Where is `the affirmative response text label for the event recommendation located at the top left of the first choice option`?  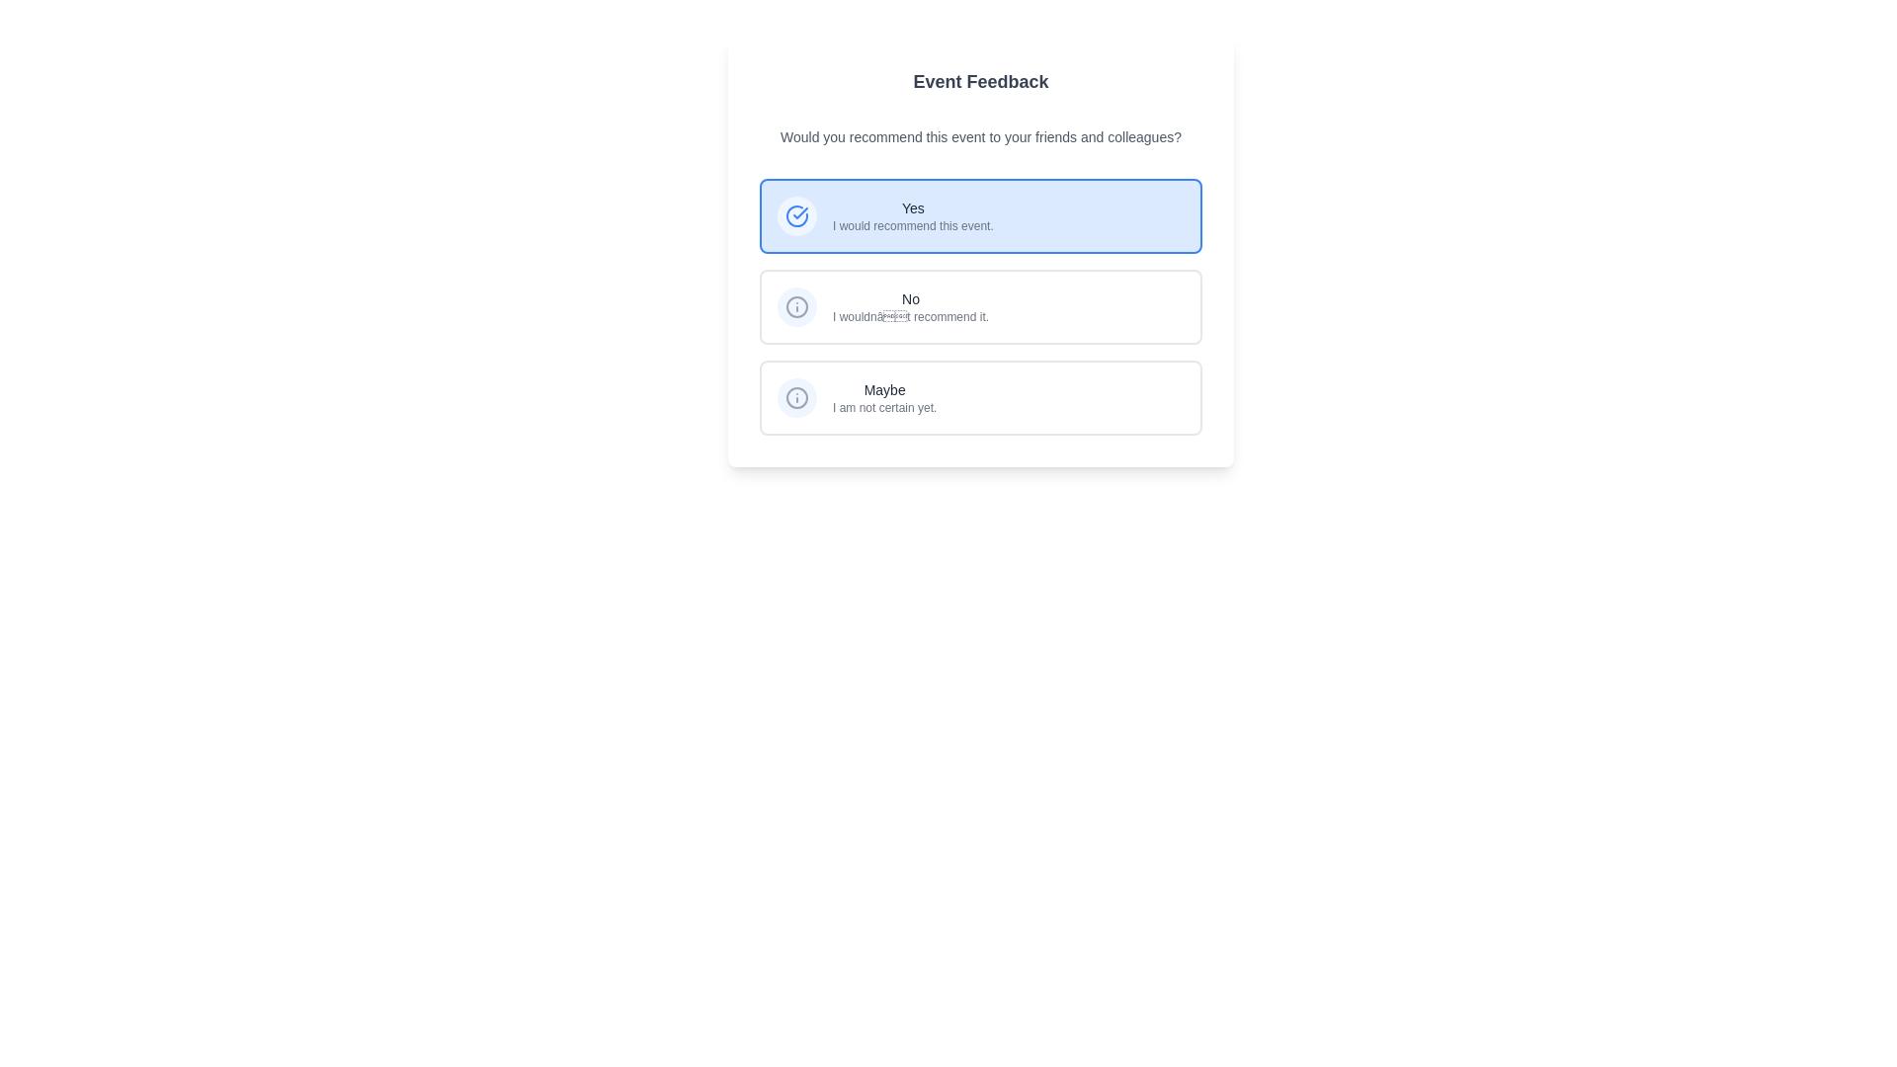
the affirmative response text label for the event recommendation located at the top left of the first choice option is located at coordinates (912, 208).